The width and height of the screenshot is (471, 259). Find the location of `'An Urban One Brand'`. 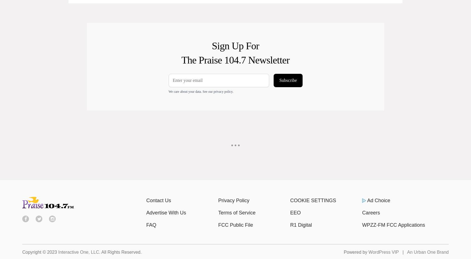

'An Urban One Brand' is located at coordinates (428, 252).